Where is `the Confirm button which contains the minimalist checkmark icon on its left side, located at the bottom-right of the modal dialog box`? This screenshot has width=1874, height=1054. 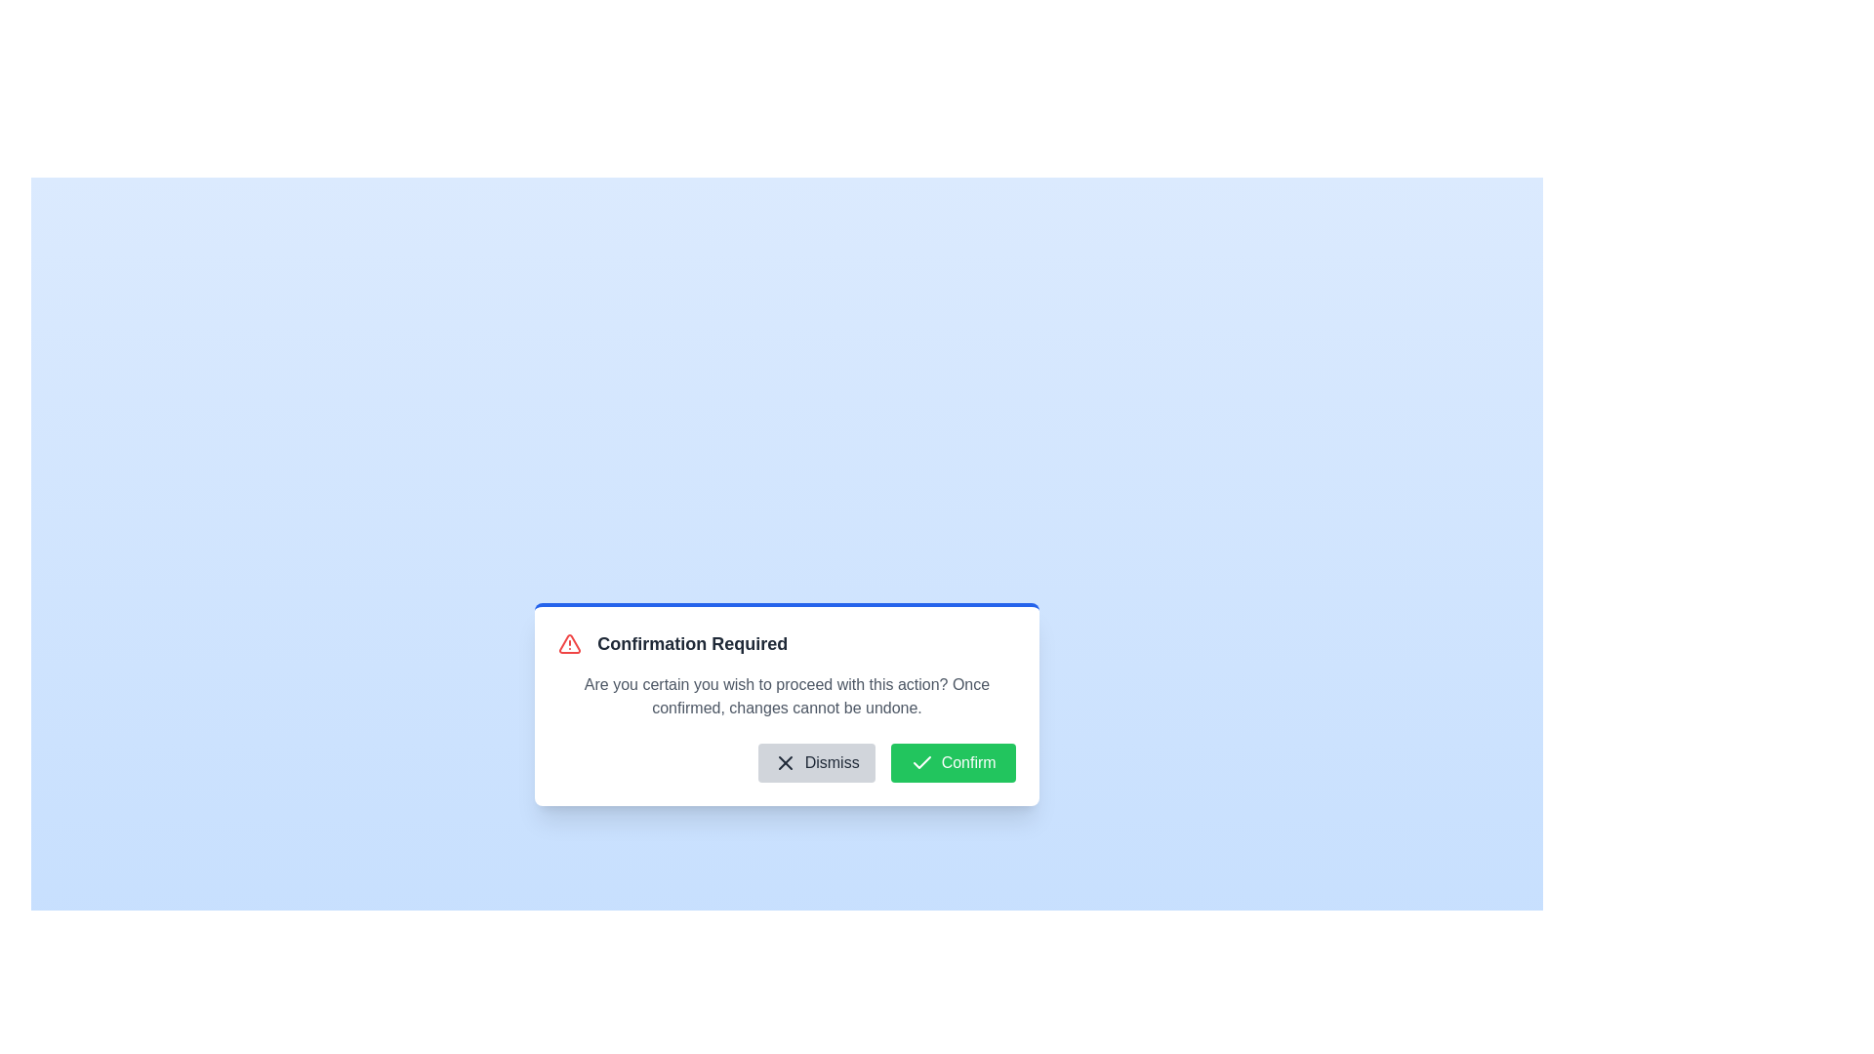
the Confirm button which contains the minimalist checkmark icon on its left side, located at the bottom-right of the modal dialog box is located at coordinates (920, 762).